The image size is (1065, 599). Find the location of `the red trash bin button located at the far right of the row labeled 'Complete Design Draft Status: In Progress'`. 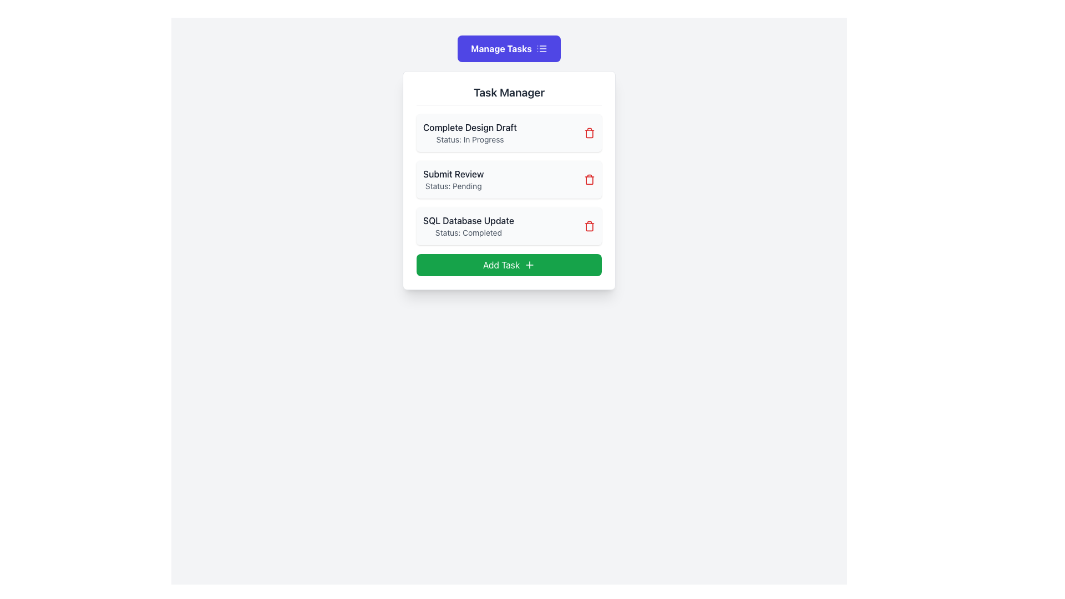

the red trash bin button located at the far right of the row labeled 'Complete Design Draft Status: In Progress' is located at coordinates (589, 132).